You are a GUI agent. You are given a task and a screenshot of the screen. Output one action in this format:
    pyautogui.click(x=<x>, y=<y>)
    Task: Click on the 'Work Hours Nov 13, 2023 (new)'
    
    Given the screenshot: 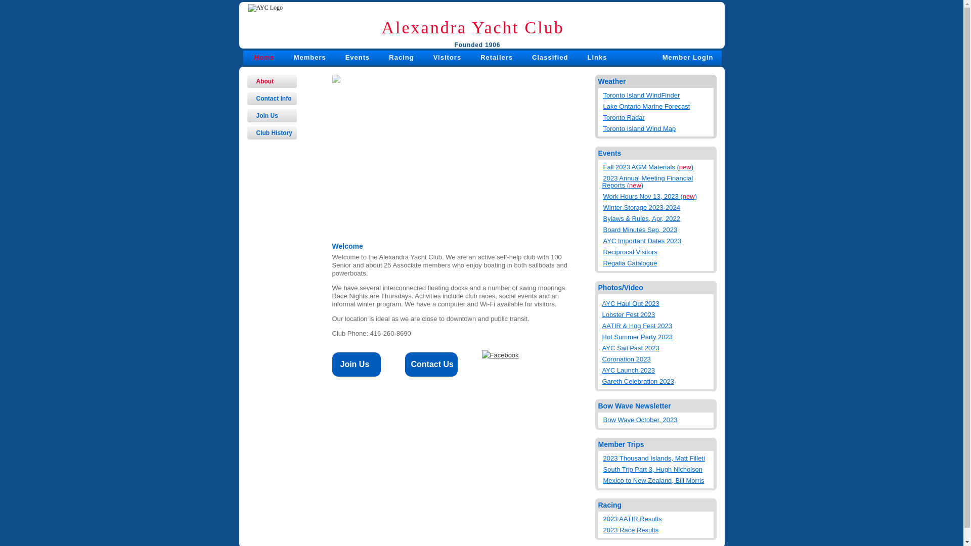 What is the action you would take?
    pyautogui.click(x=657, y=195)
    